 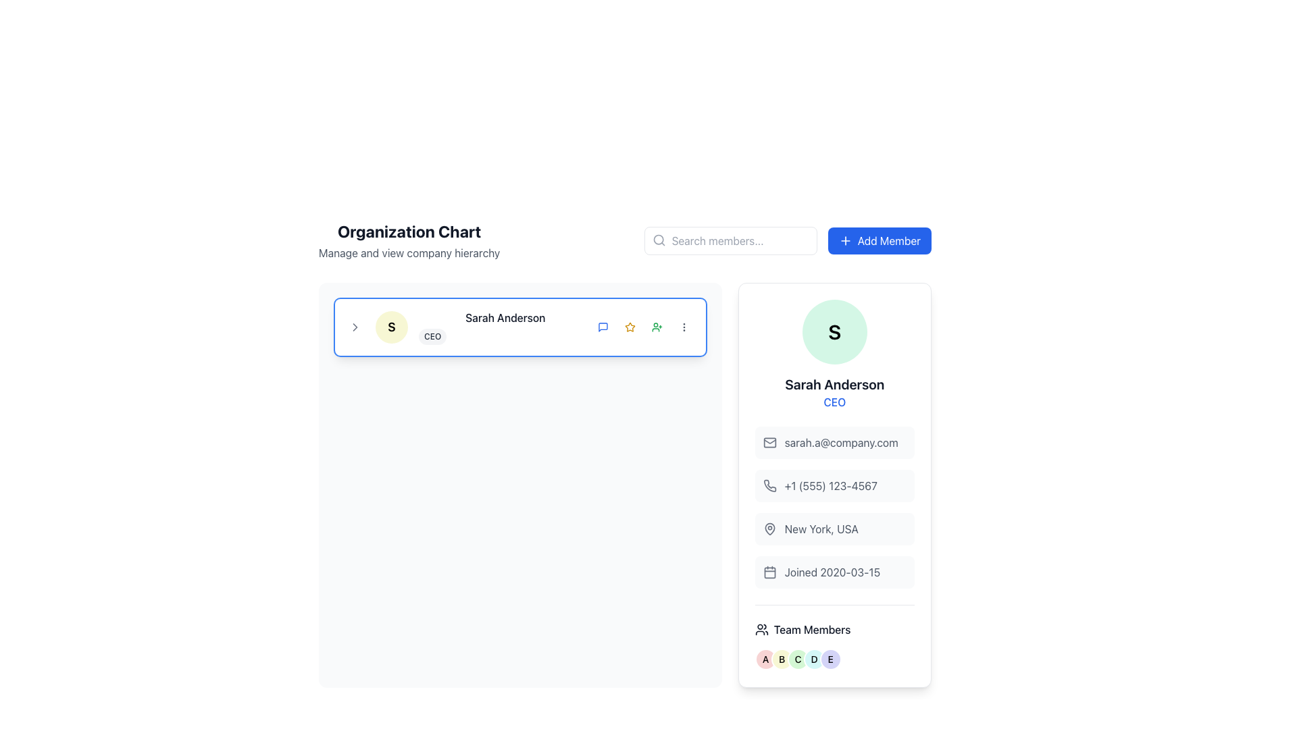 I want to click on the 'Team Members' Text with Icon Label, which features a medium-weight gray text and an icon representing people, located near the bottom of the rightmost panel above circular icons labeled A, B, C, D, E, so click(x=834, y=630).